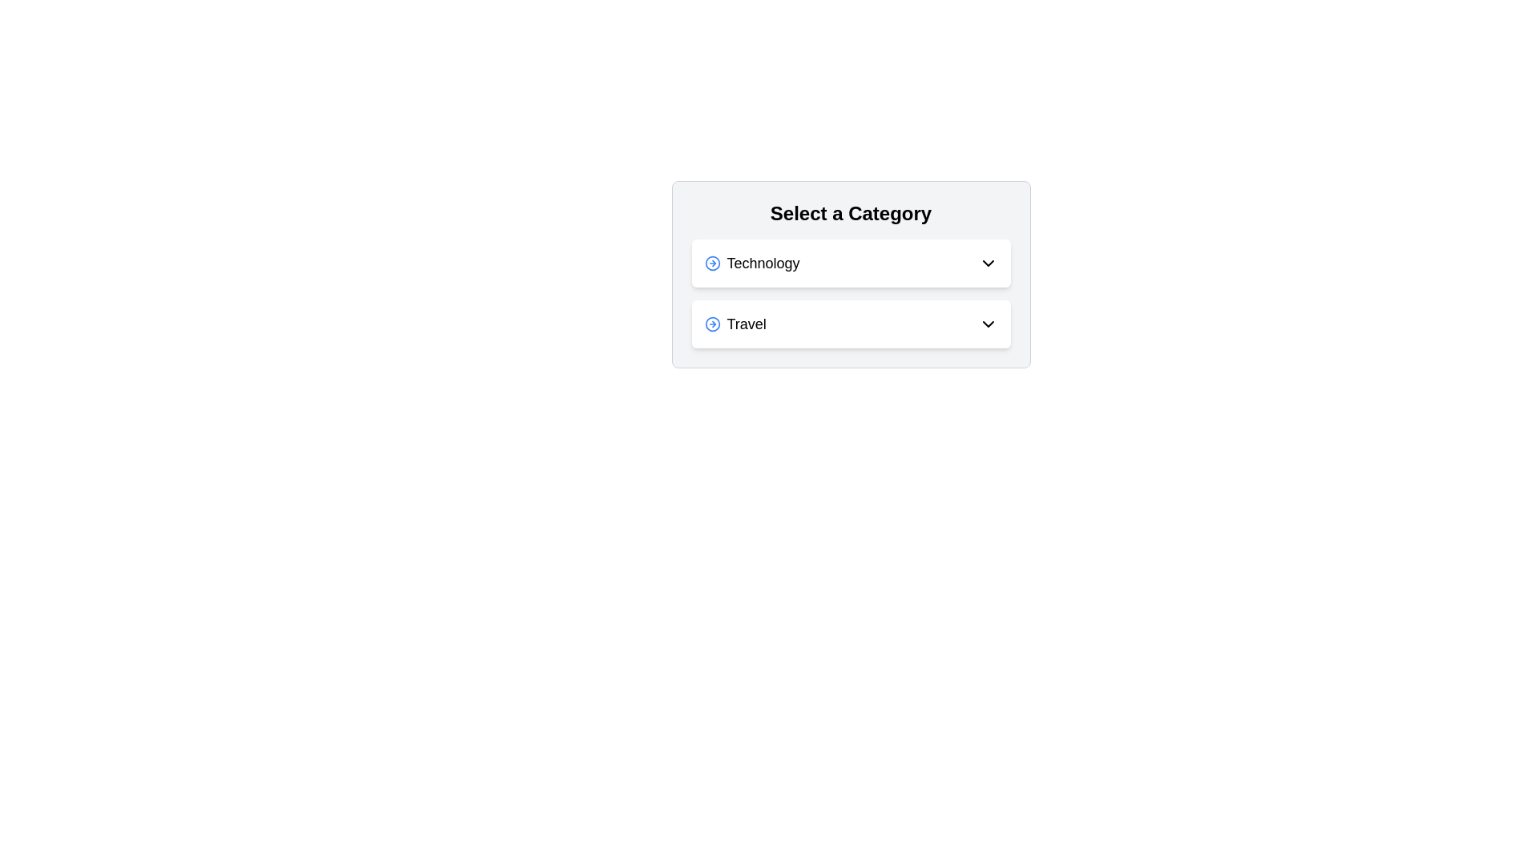 This screenshot has width=1538, height=865. Describe the element at coordinates (987, 324) in the screenshot. I see `the chevron down icon next to the word 'Travel'` at that location.